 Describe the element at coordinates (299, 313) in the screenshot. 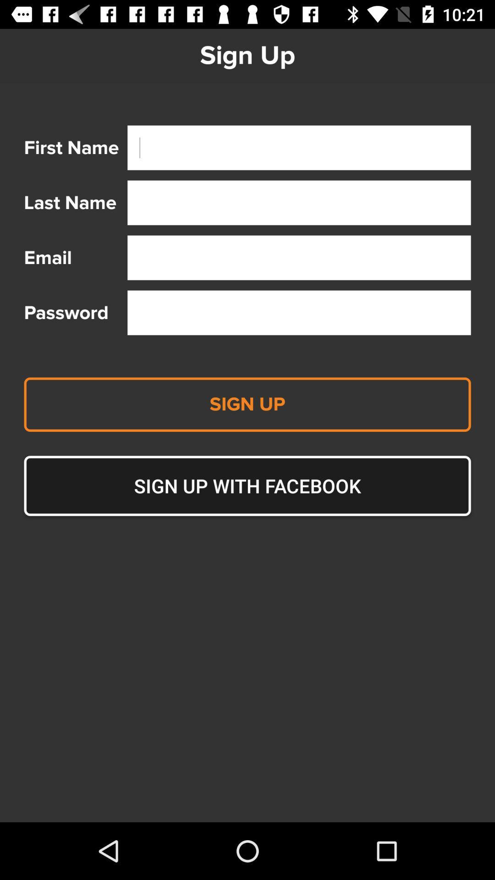

I see `icon to the right of the password item` at that location.